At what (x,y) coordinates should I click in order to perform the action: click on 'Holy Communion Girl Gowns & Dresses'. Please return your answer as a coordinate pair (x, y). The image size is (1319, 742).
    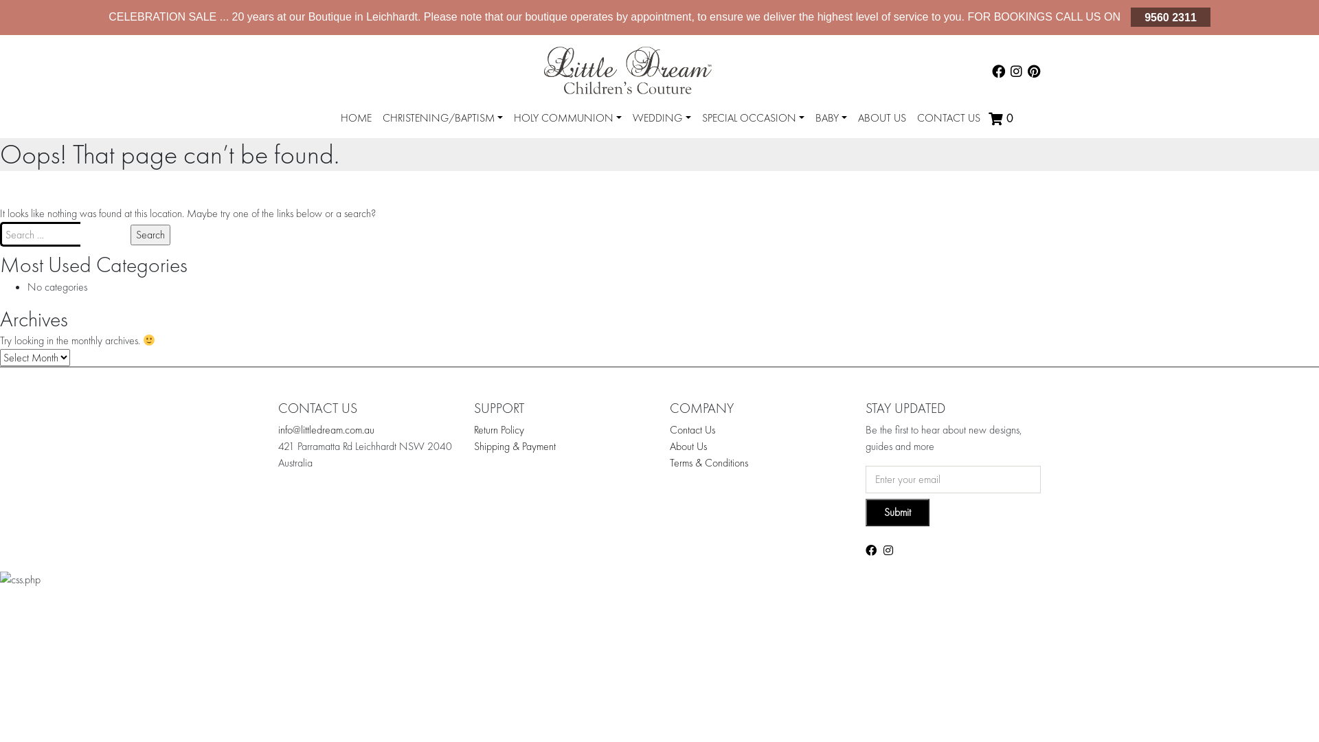
    Looking at the image, I should click on (607, 145).